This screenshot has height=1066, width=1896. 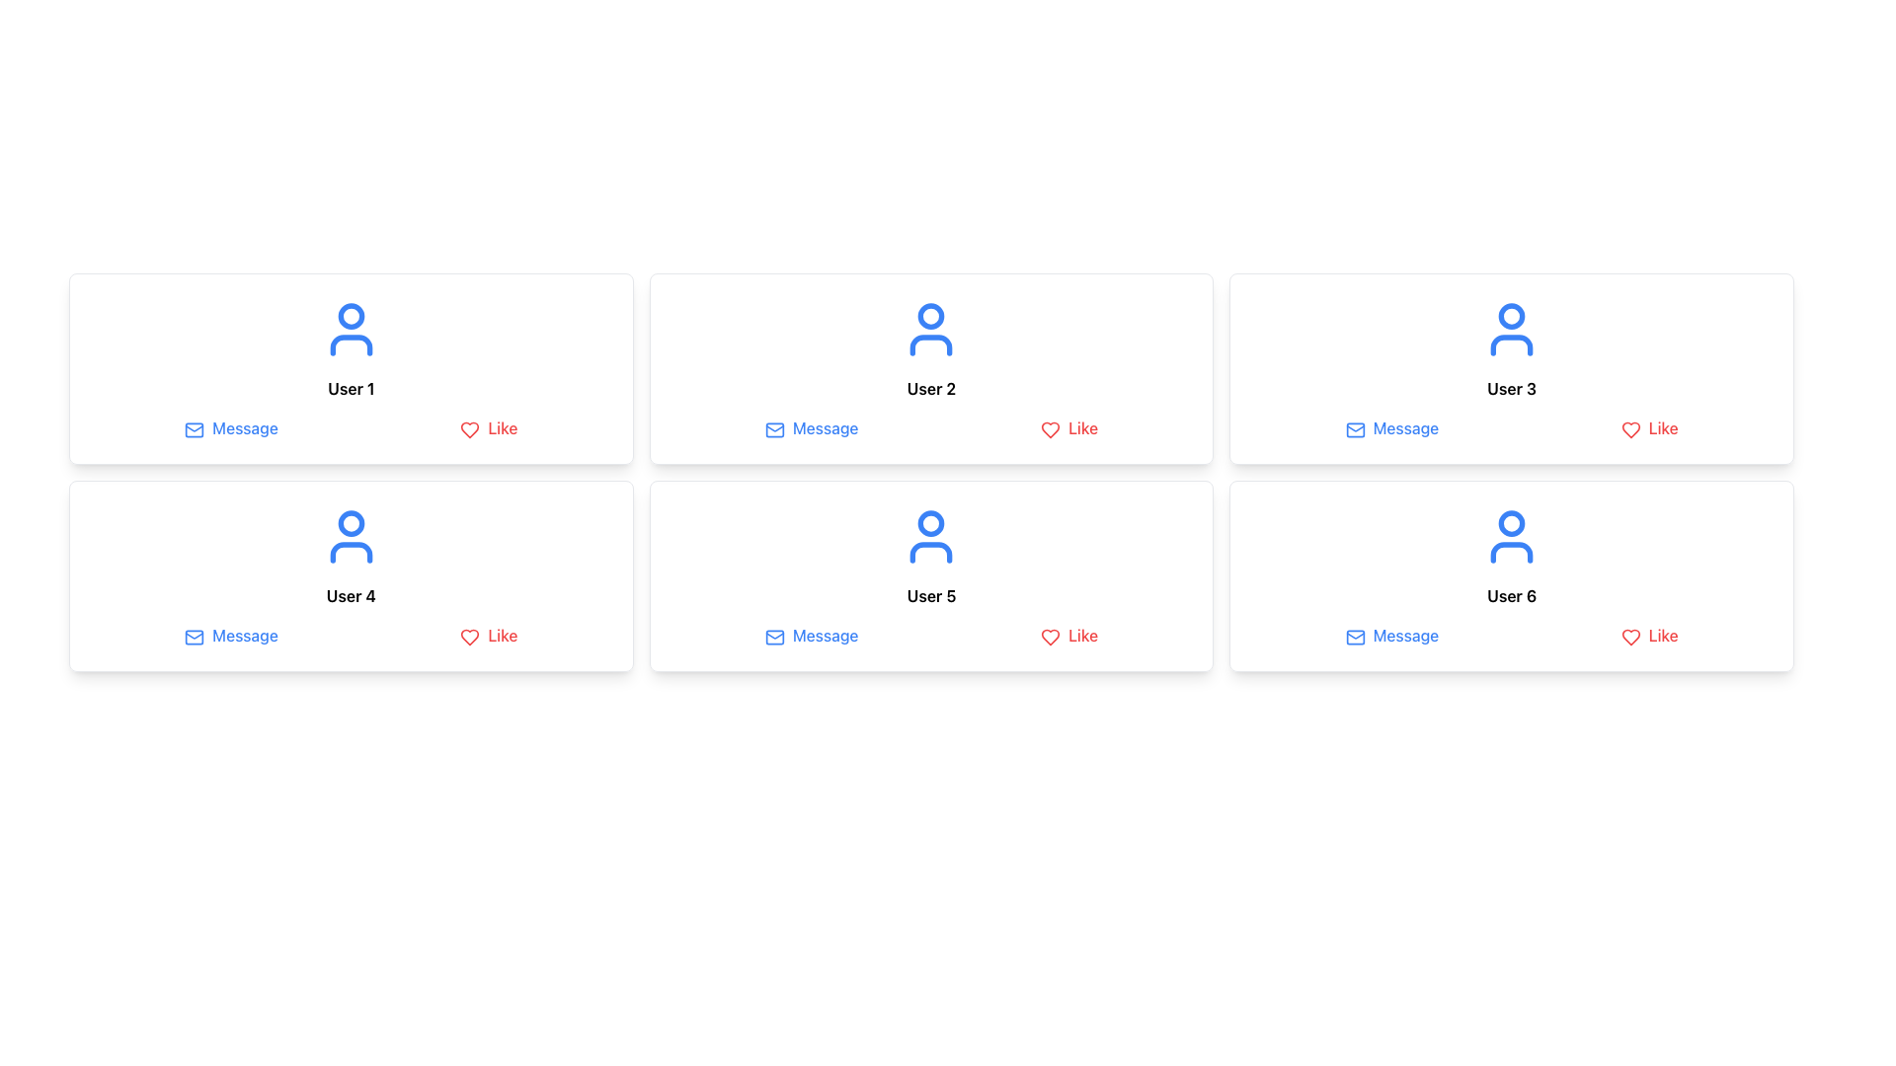 I want to click on the text label 'User 6', which is styled with a bold font and is center-aligned within its card, positioned below a blue user icon and above the 'Message' and 'Like' buttons, so click(x=1511, y=595).